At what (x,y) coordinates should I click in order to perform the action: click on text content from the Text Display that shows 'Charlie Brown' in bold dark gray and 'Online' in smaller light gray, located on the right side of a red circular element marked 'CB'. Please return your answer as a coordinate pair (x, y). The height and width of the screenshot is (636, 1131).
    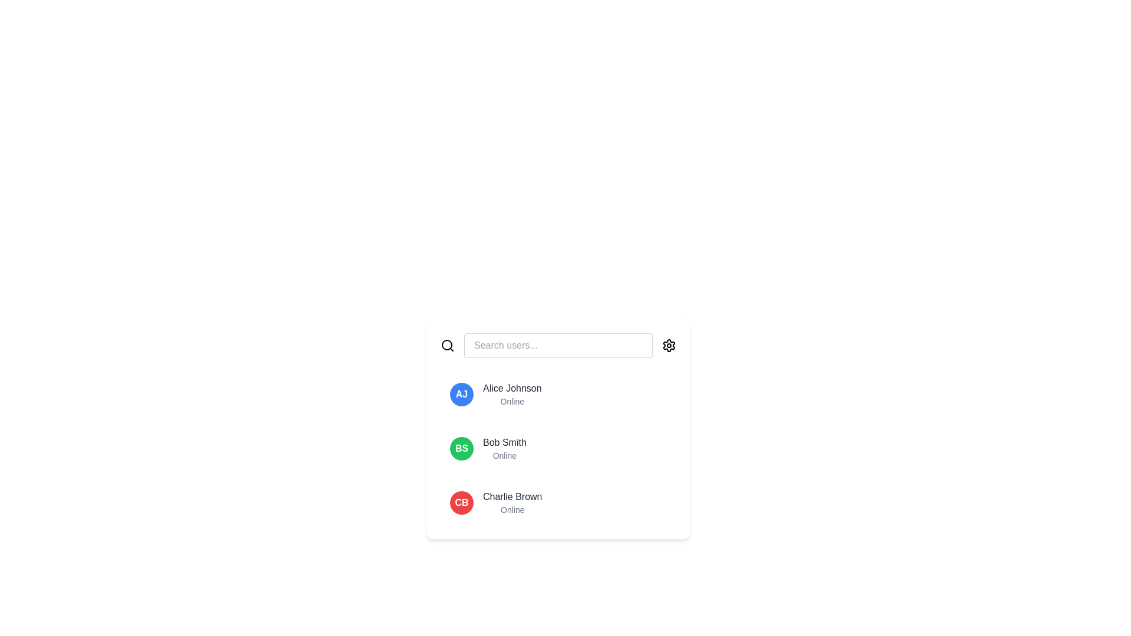
    Looking at the image, I should click on (512, 502).